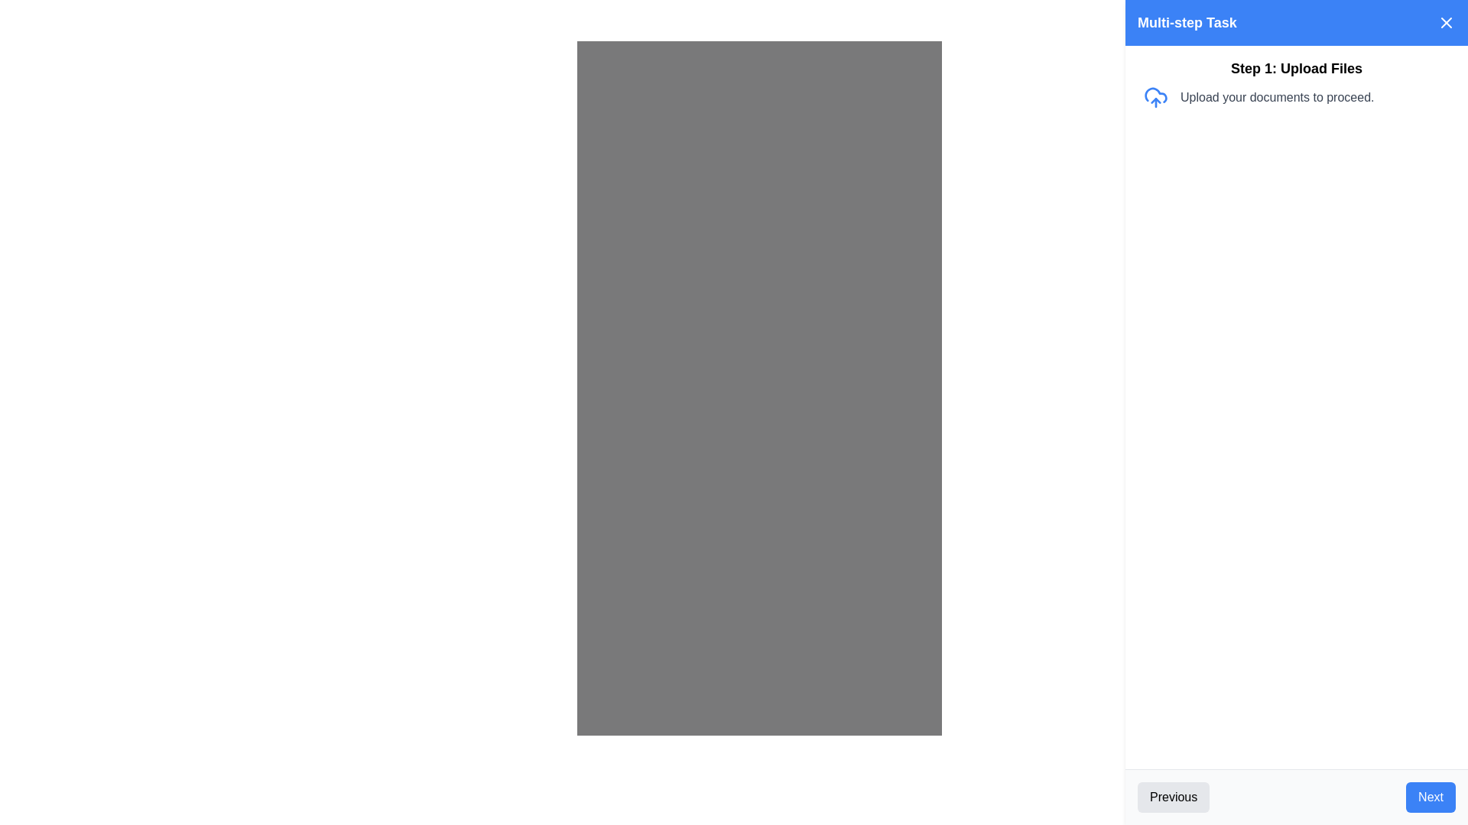 This screenshot has height=825, width=1468. What do you see at coordinates (1445, 23) in the screenshot?
I see `the close button represented by a white 'X' within a blue square located at the top-right corner of the header section labeled 'Multi-step Task'` at bounding box center [1445, 23].